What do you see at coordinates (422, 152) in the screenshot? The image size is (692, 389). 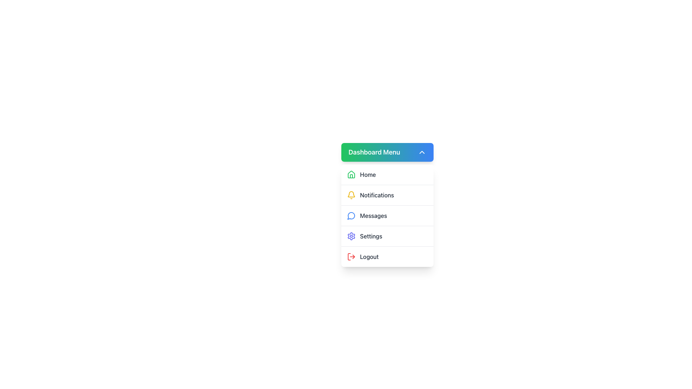 I see `the chevron direction indicator icon located at the far right of the 'Dashboard Menu' header to show the context menu` at bounding box center [422, 152].